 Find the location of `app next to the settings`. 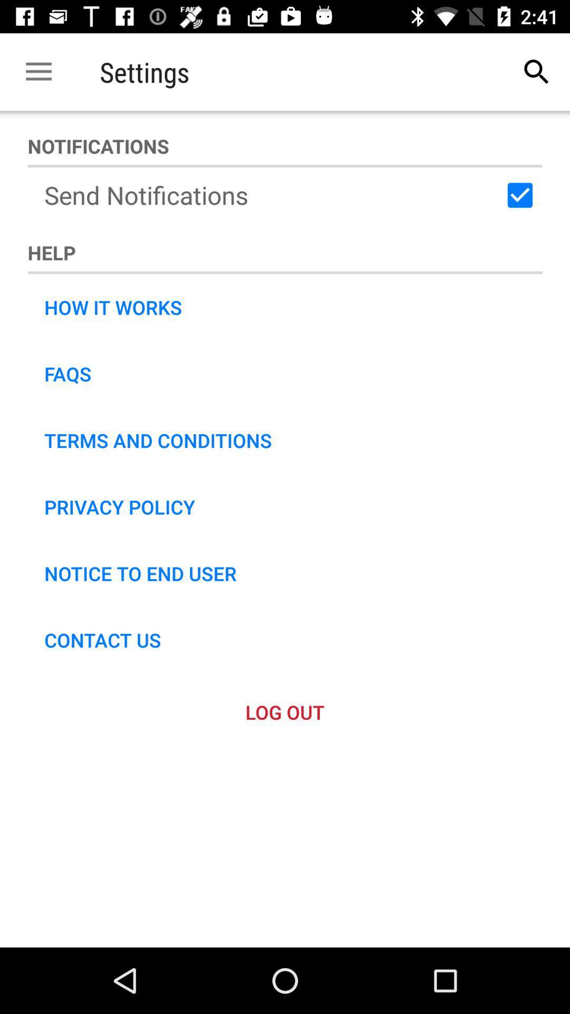

app next to the settings is located at coordinates (537, 71).